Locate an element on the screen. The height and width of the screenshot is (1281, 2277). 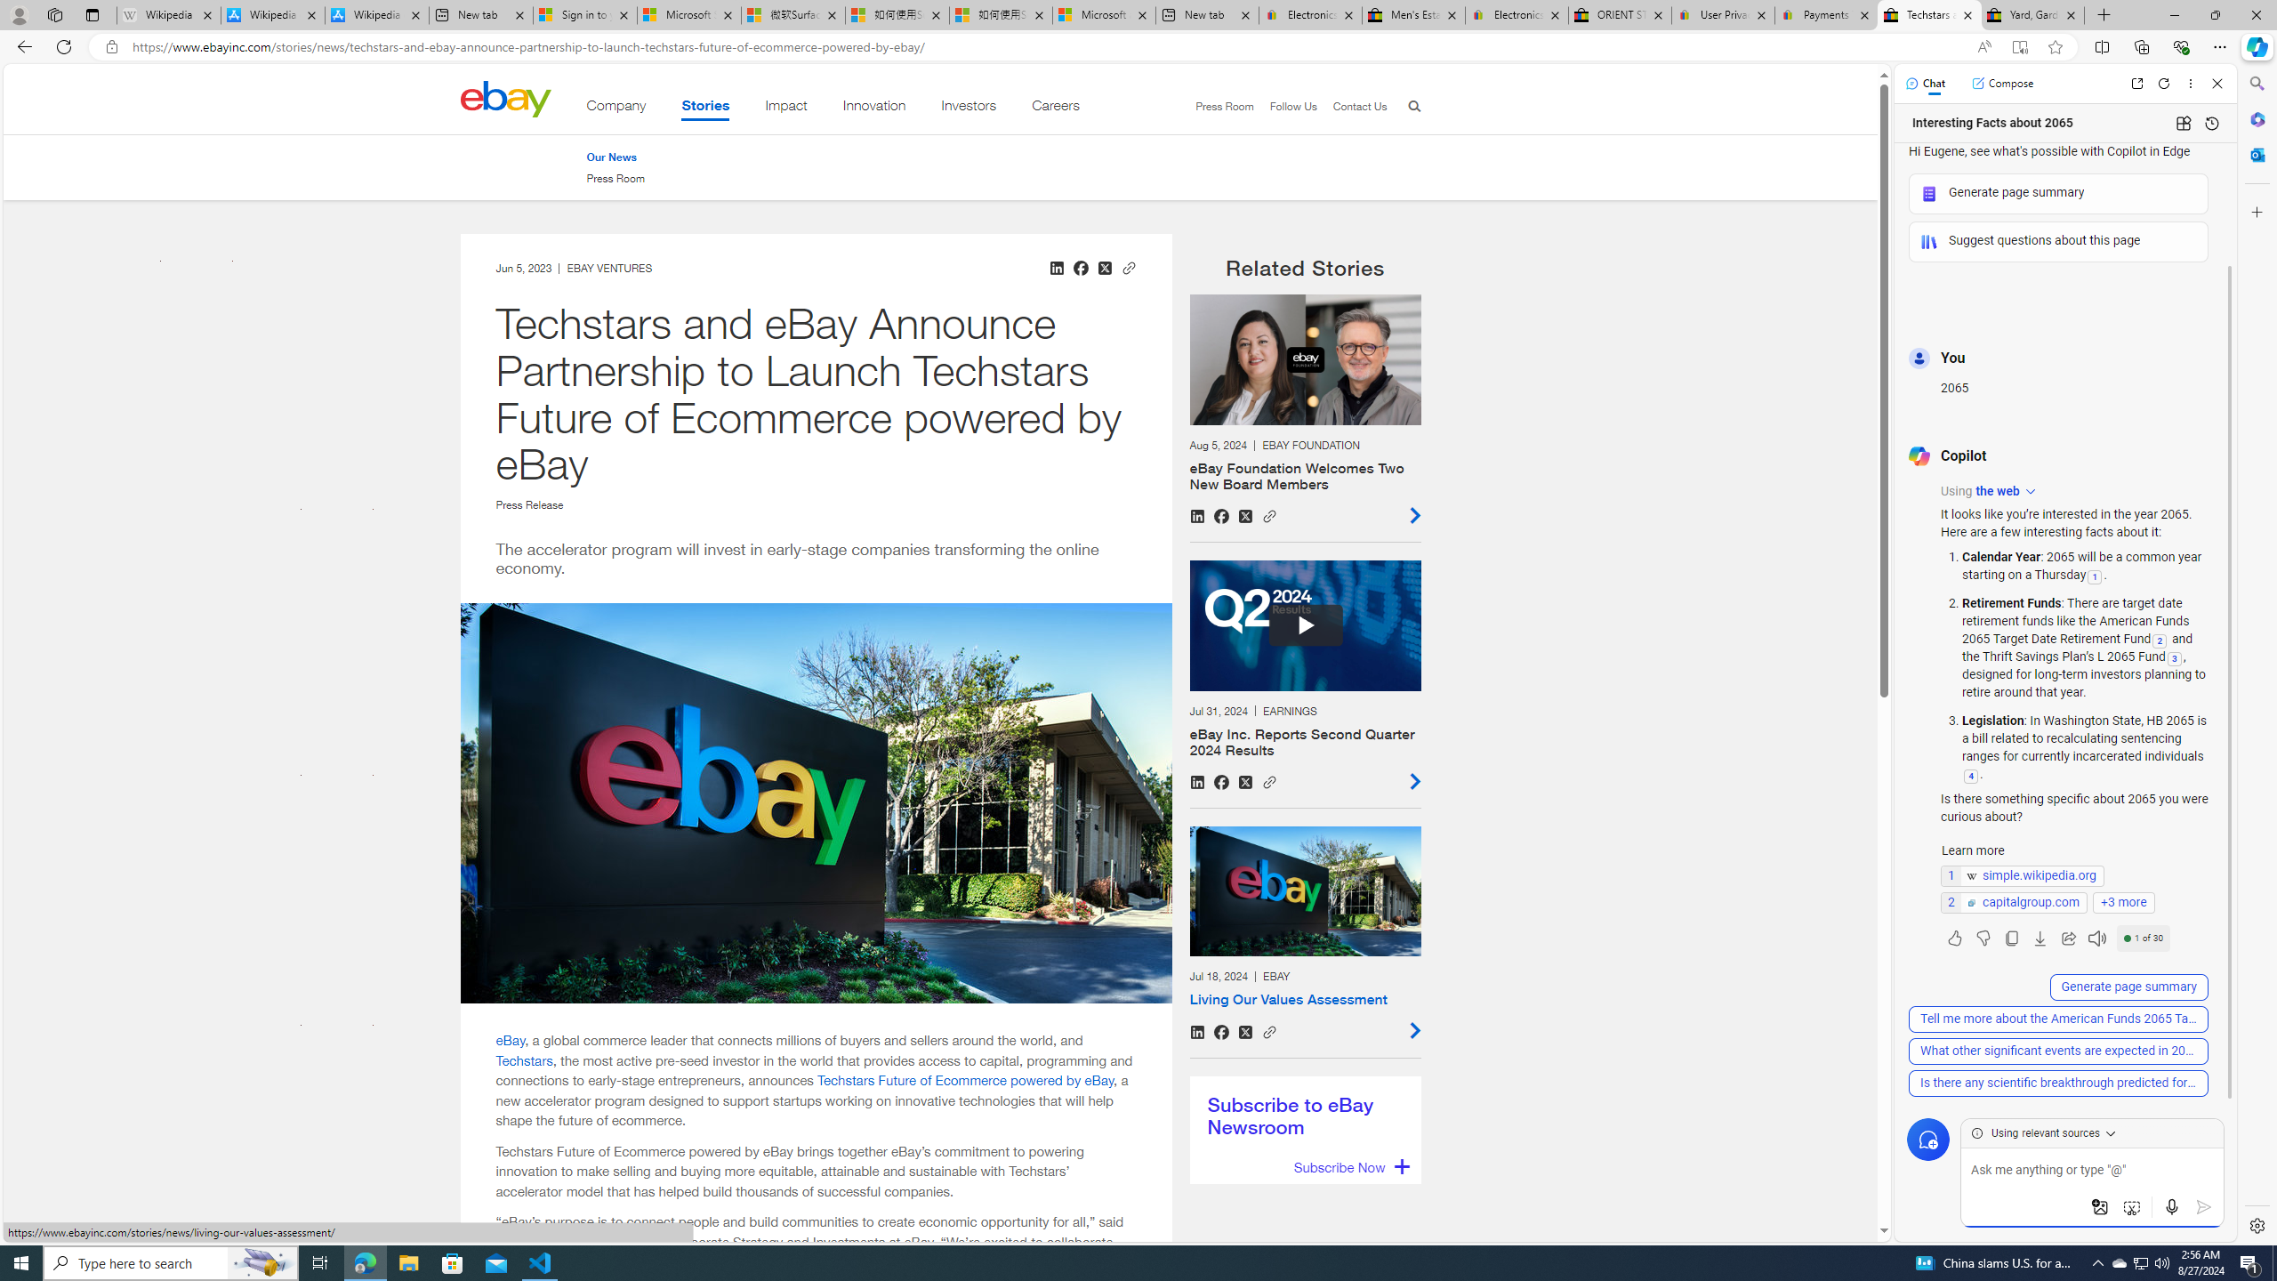
'Impact' is located at coordinates (786, 109).